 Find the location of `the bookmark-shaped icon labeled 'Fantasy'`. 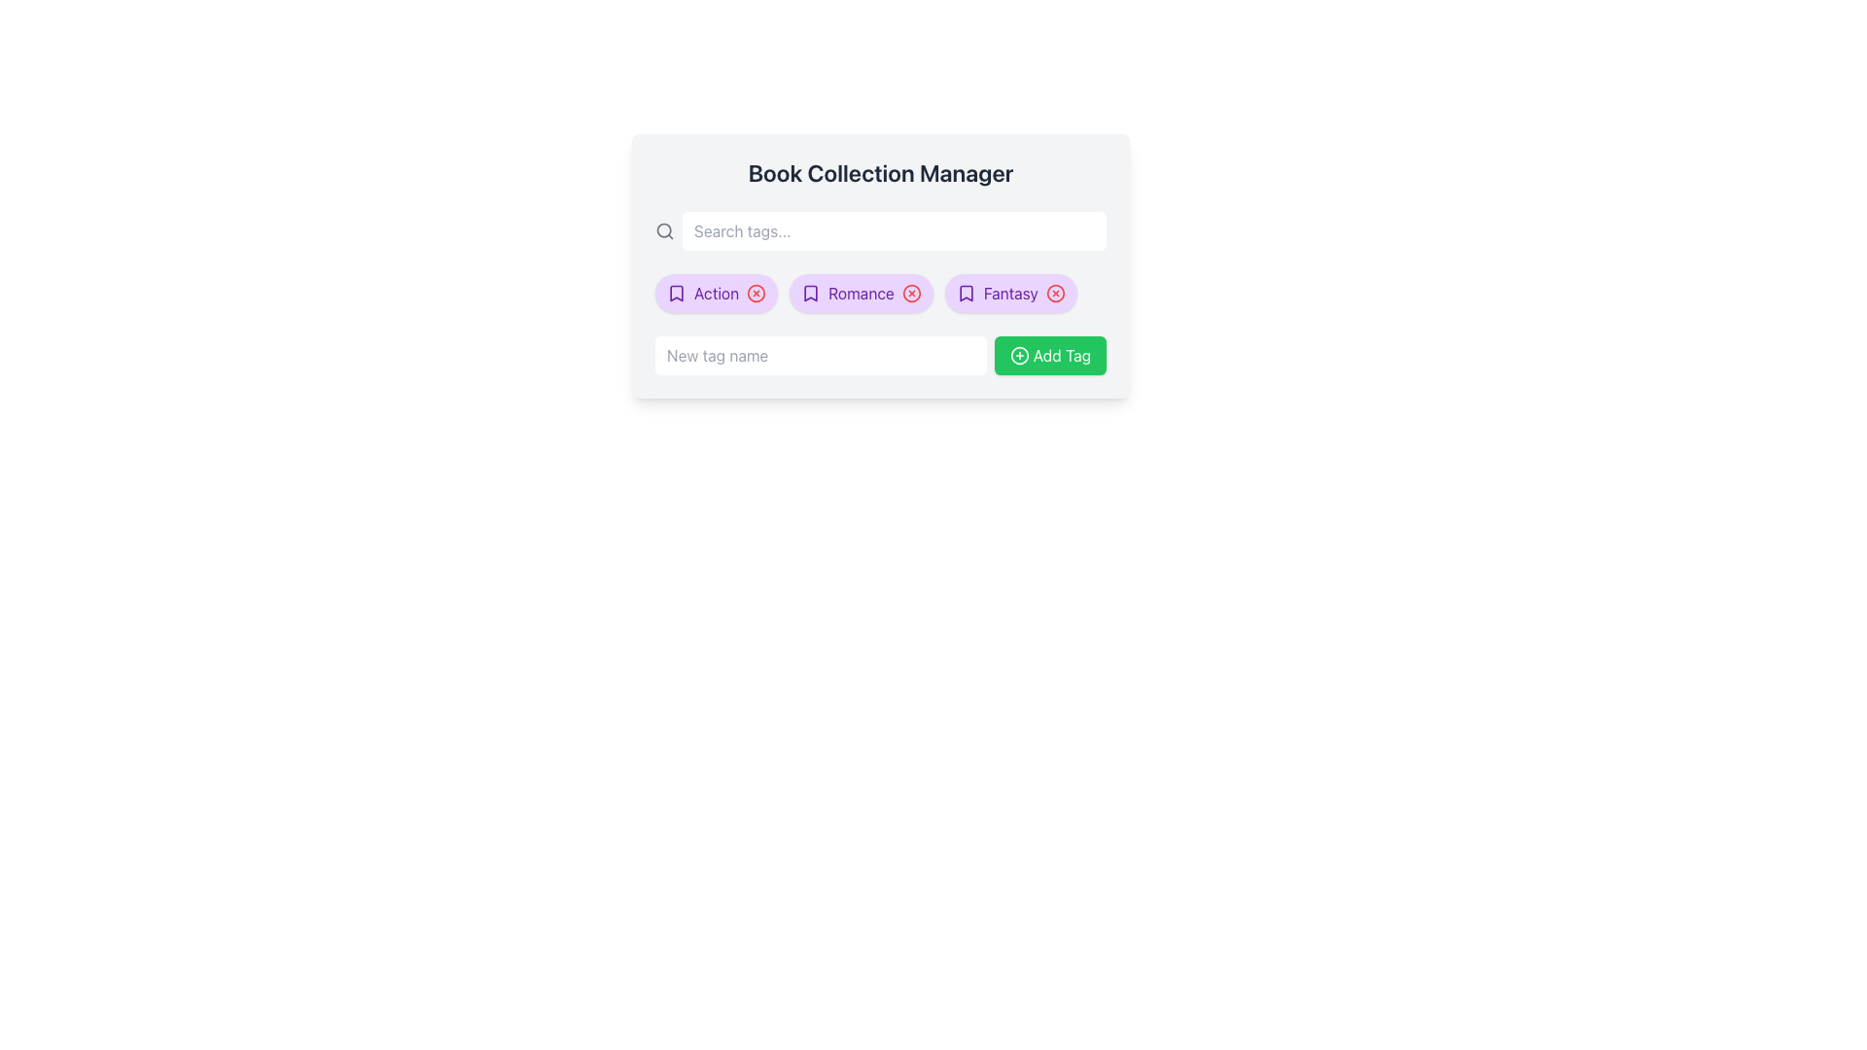

the bookmark-shaped icon labeled 'Fantasy' is located at coordinates (966, 293).